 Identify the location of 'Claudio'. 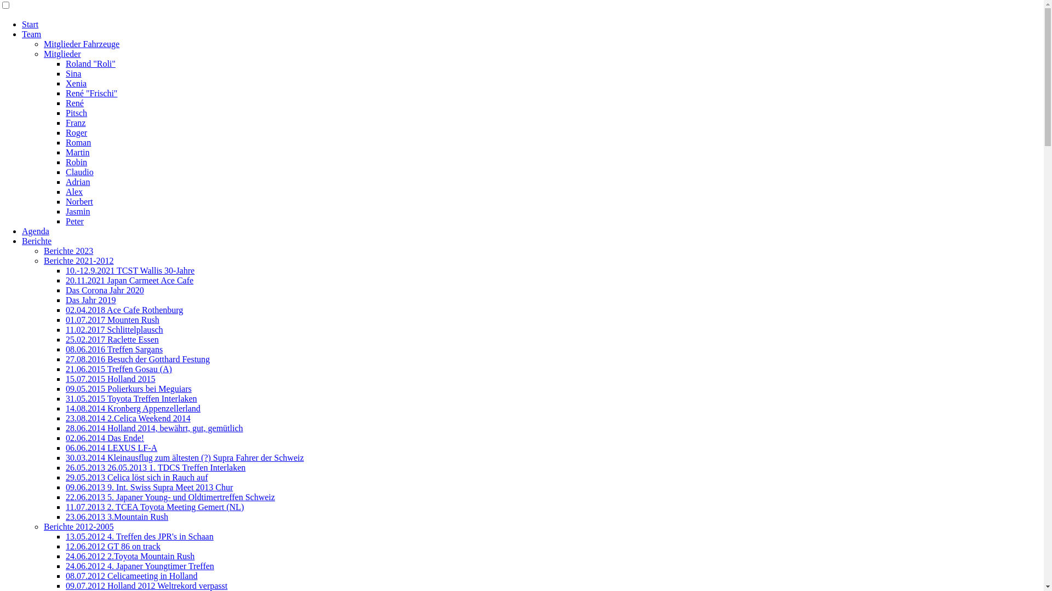
(79, 172).